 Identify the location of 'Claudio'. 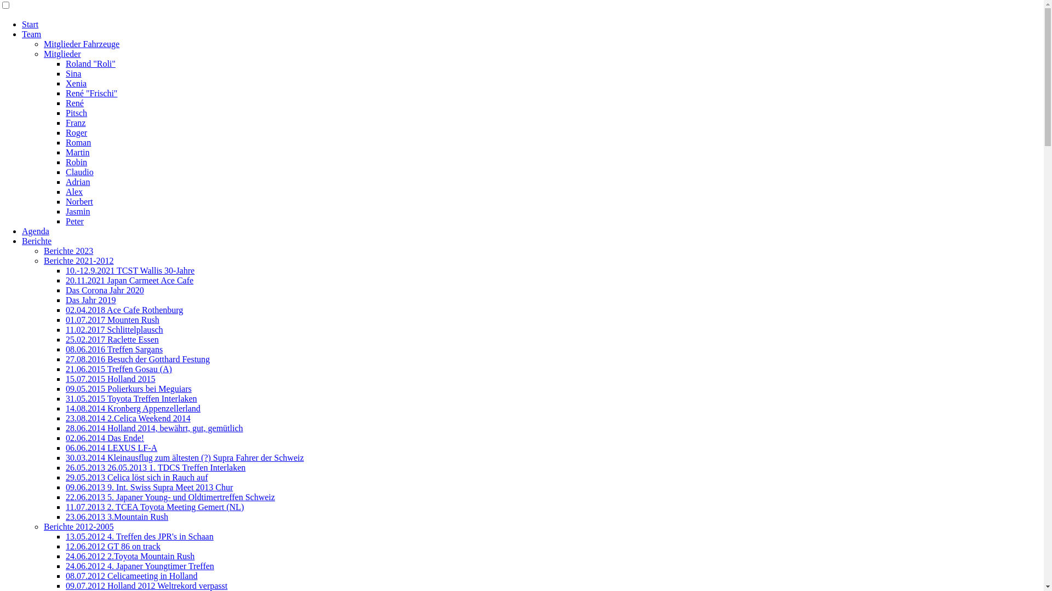
(79, 172).